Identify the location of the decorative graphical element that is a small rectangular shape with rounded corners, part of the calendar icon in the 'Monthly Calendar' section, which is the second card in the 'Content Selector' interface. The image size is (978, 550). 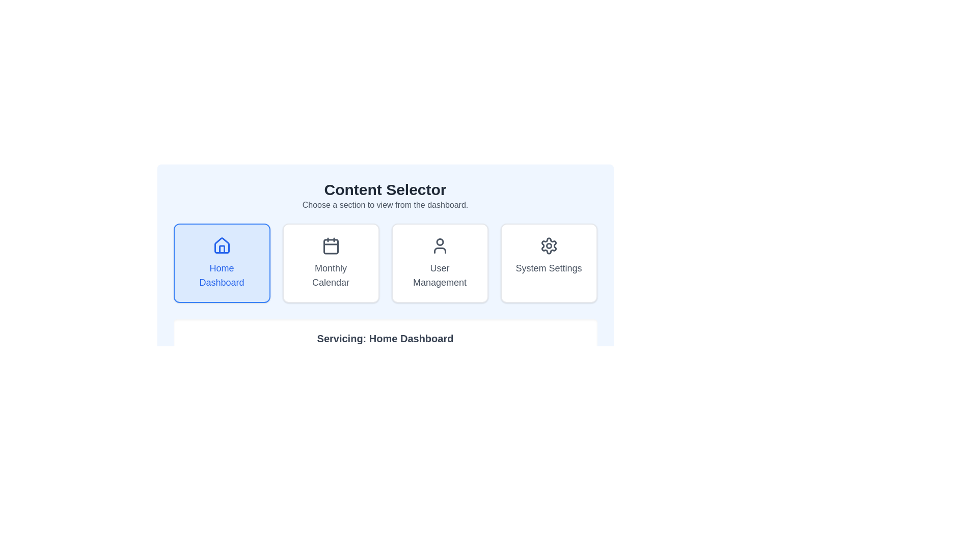
(331, 246).